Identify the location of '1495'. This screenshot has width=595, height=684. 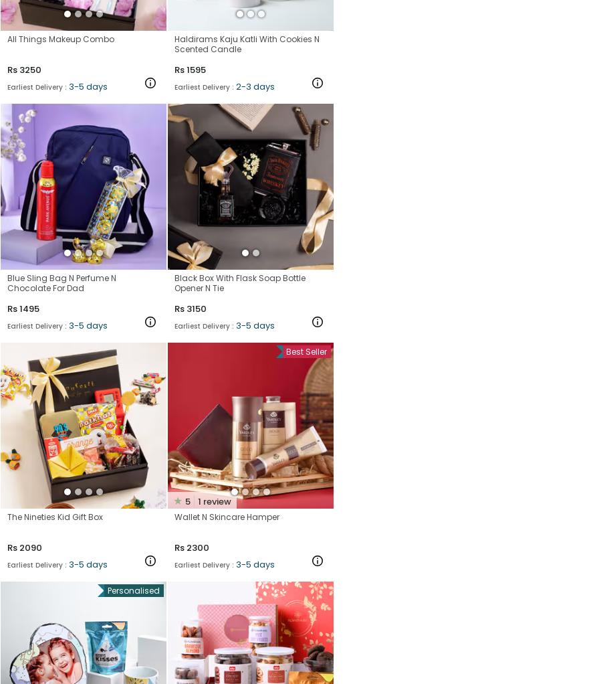
(29, 307).